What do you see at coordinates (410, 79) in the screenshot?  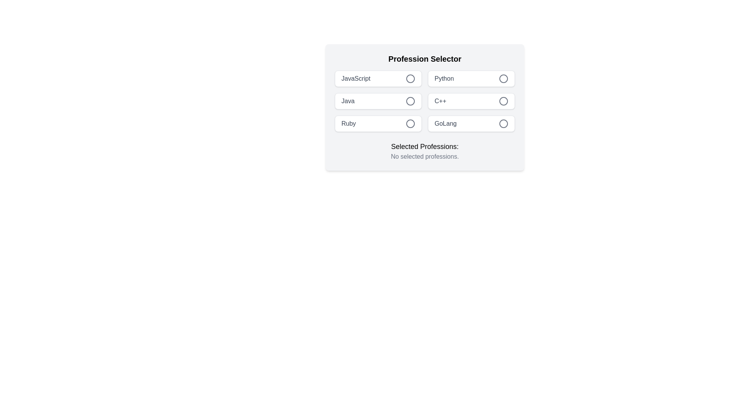 I see `the radio button next to the 'JavaScript' label` at bounding box center [410, 79].